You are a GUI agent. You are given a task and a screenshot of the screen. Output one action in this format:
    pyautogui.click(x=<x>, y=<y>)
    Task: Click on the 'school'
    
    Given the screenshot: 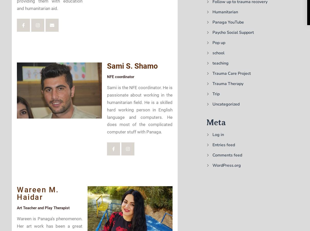 What is the action you would take?
    pyautogui.click(x=212, y=53)
    